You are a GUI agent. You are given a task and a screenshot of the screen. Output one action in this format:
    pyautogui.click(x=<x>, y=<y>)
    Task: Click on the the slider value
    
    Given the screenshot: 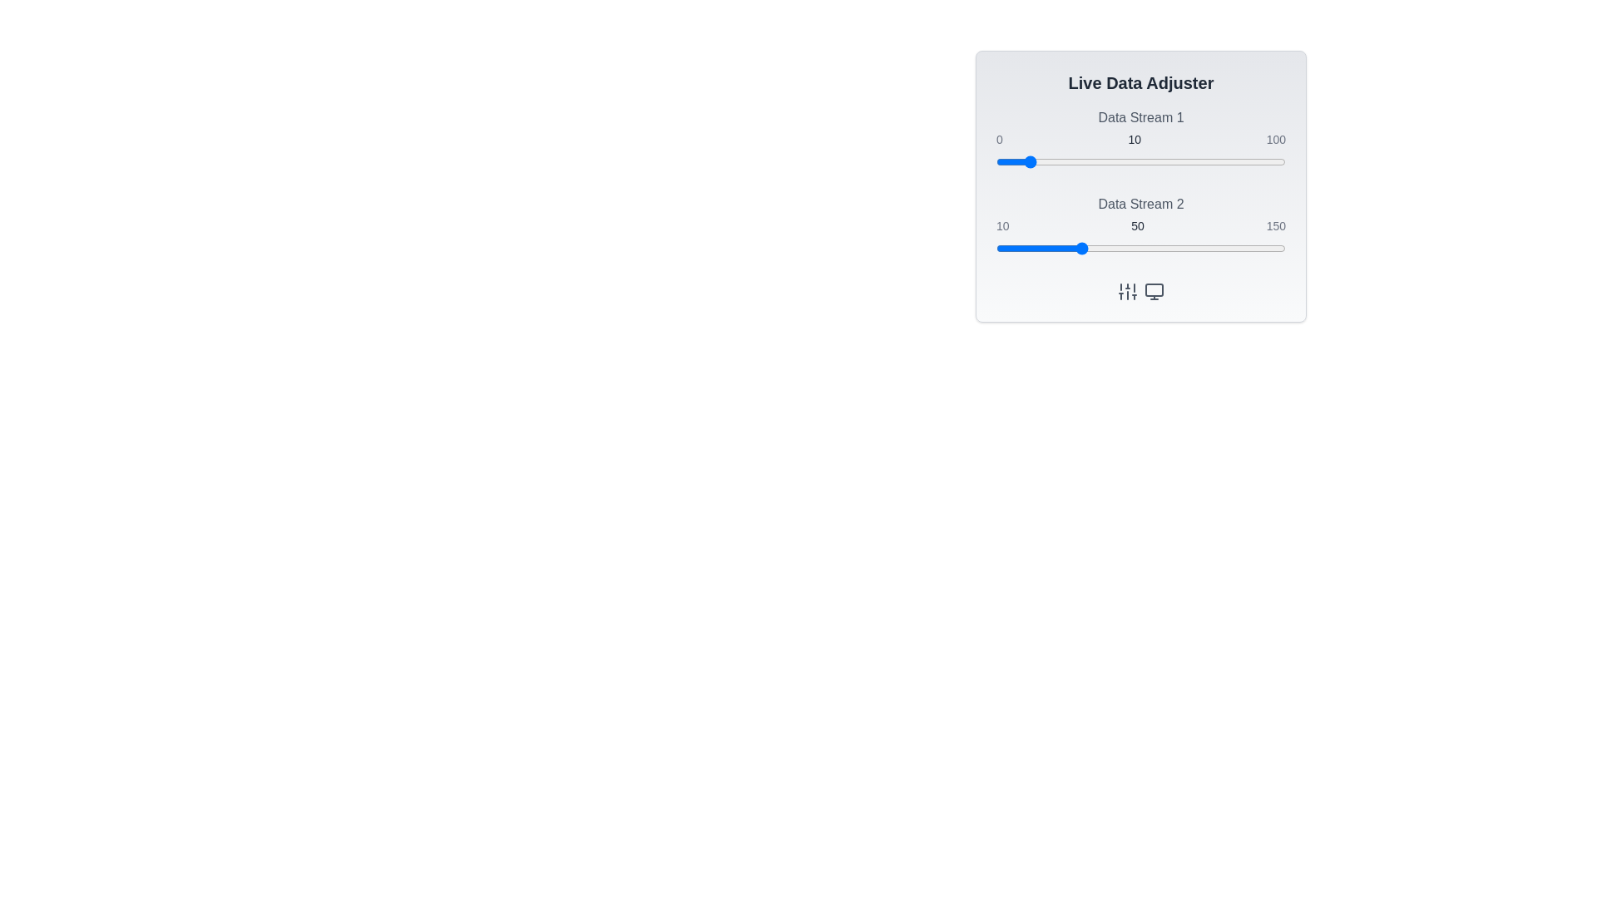 What is the action you would take?
    pyautogui.click(x=1263, y=249)
    